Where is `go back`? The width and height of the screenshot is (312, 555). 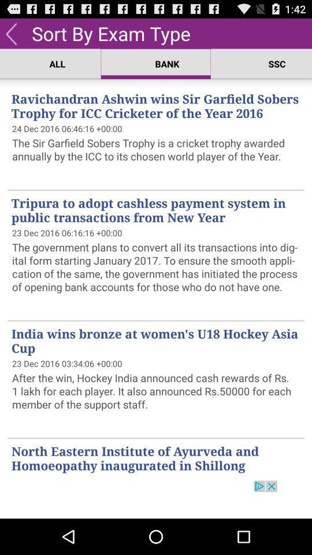 go back is located at coordinates (10, 32).